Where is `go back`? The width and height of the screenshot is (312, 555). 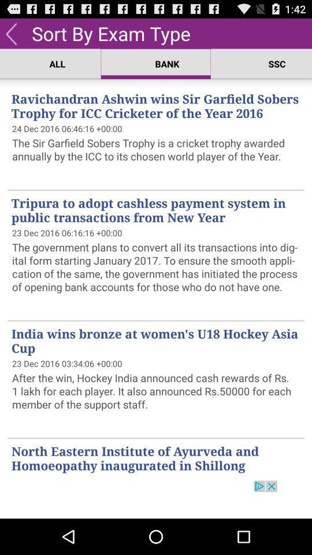 go back is located at coordinates (10, 32).